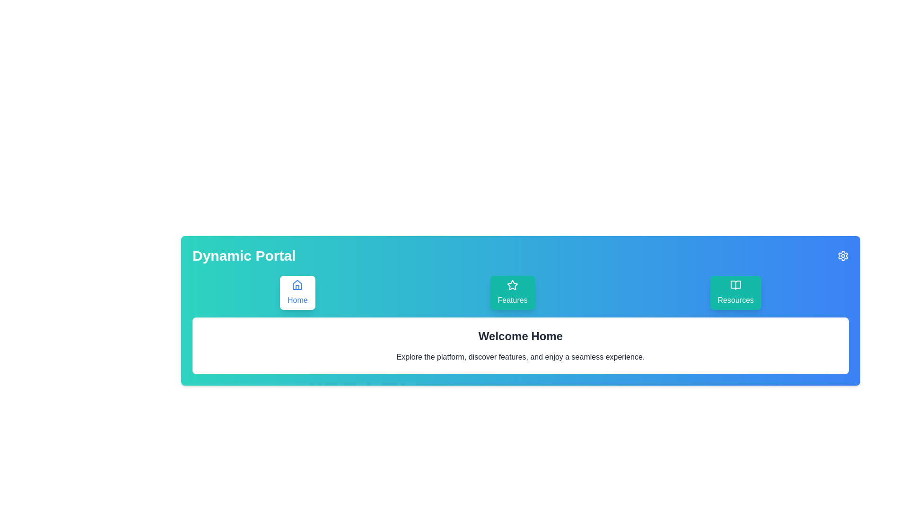 The image size is (908, 511). What do you see at coordinates (843, 255) in the screenshot?
I see `the small, white gear-shaped icon resembling a settings symbol, which is located on the far-right side of the header containing 'Dynamic Portal'` at bounding box center [843, 255].